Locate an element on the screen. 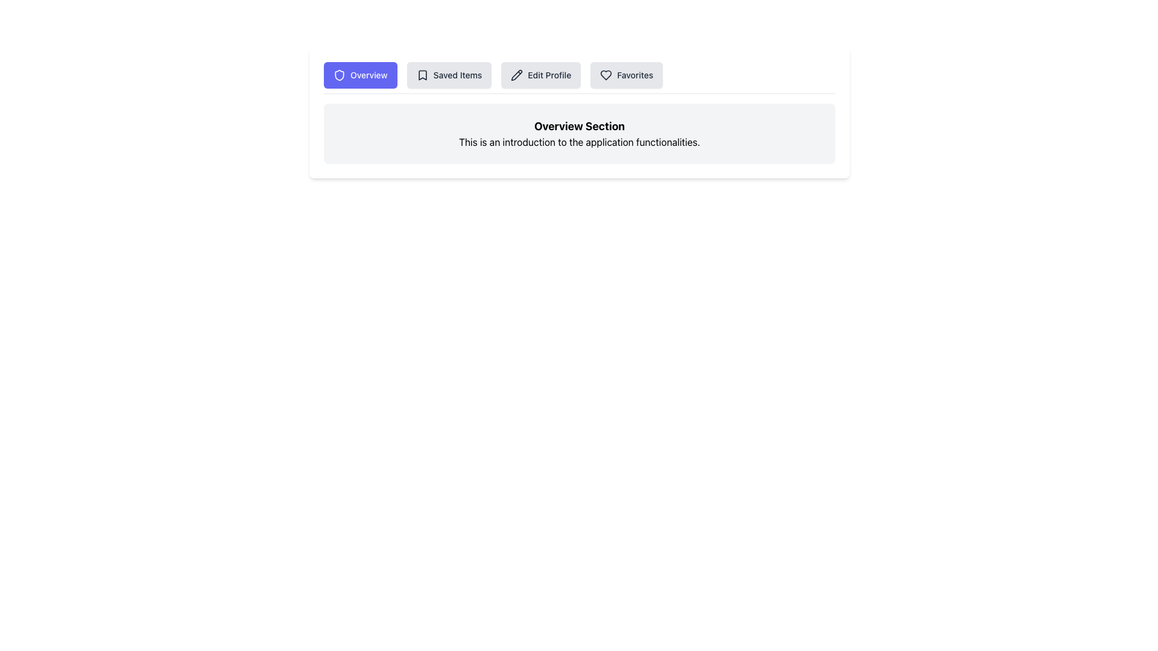 This screenshot has height=651, width=1158. the bookmark icon located within the 'Saved Items' button in the navigation bar at the top of the page is located at coordinates (422, 75).